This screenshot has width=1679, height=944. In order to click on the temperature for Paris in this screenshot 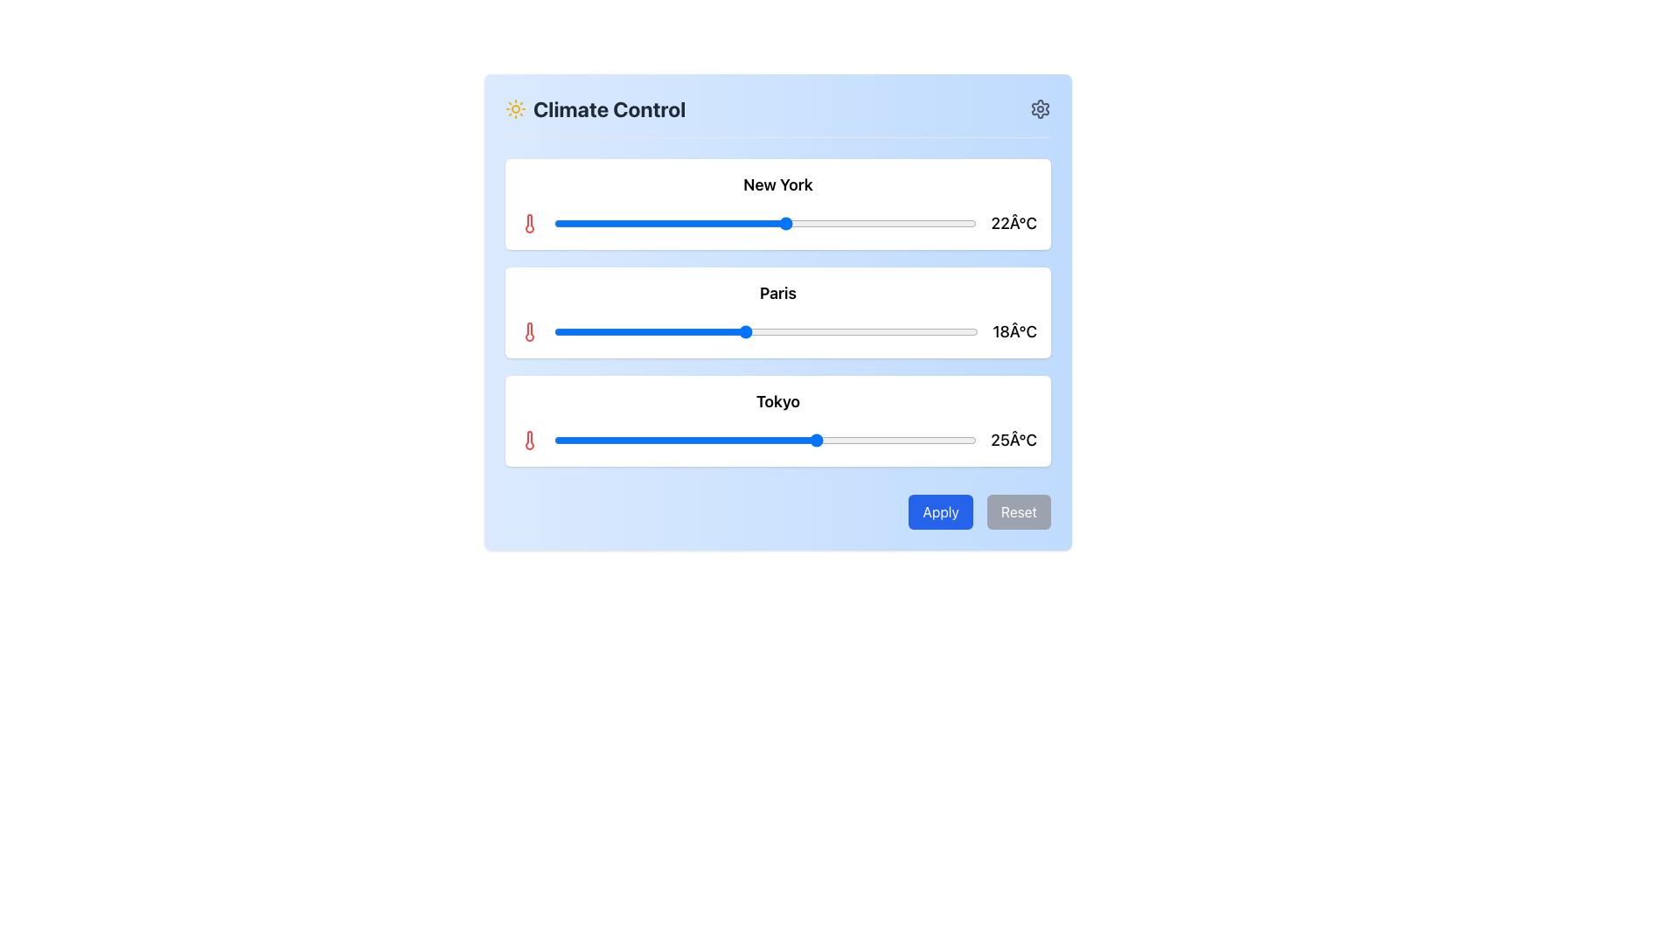, I will do `click(724, 332)`.